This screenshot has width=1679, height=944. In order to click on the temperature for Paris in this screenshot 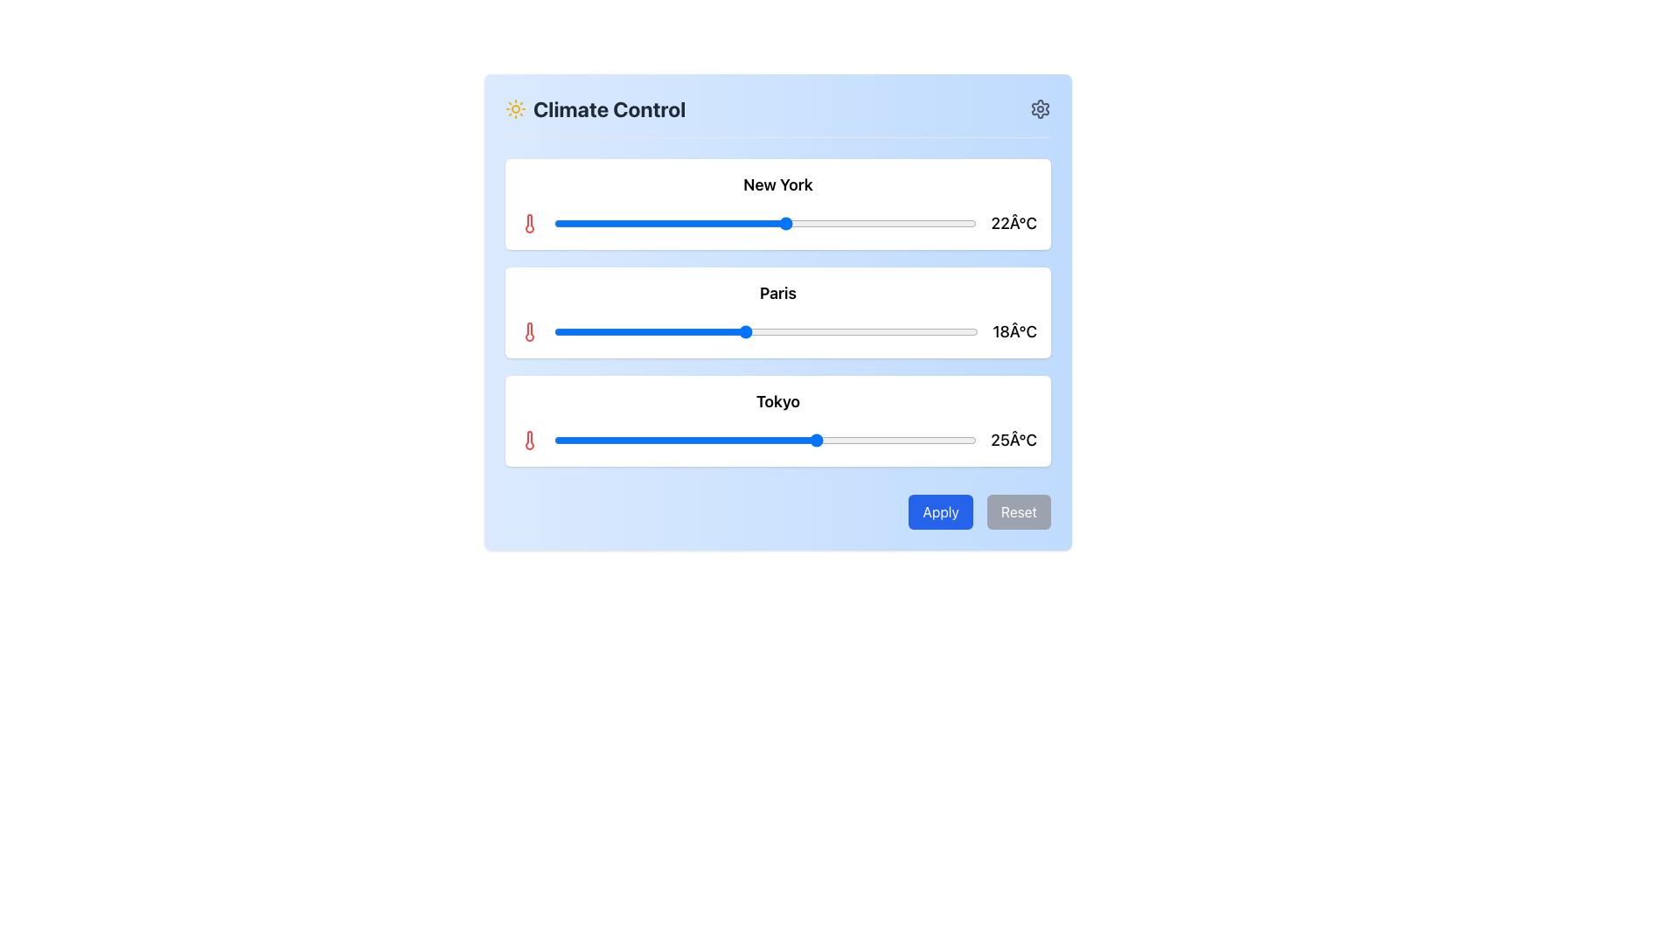, I will do `click(724, 332)`.